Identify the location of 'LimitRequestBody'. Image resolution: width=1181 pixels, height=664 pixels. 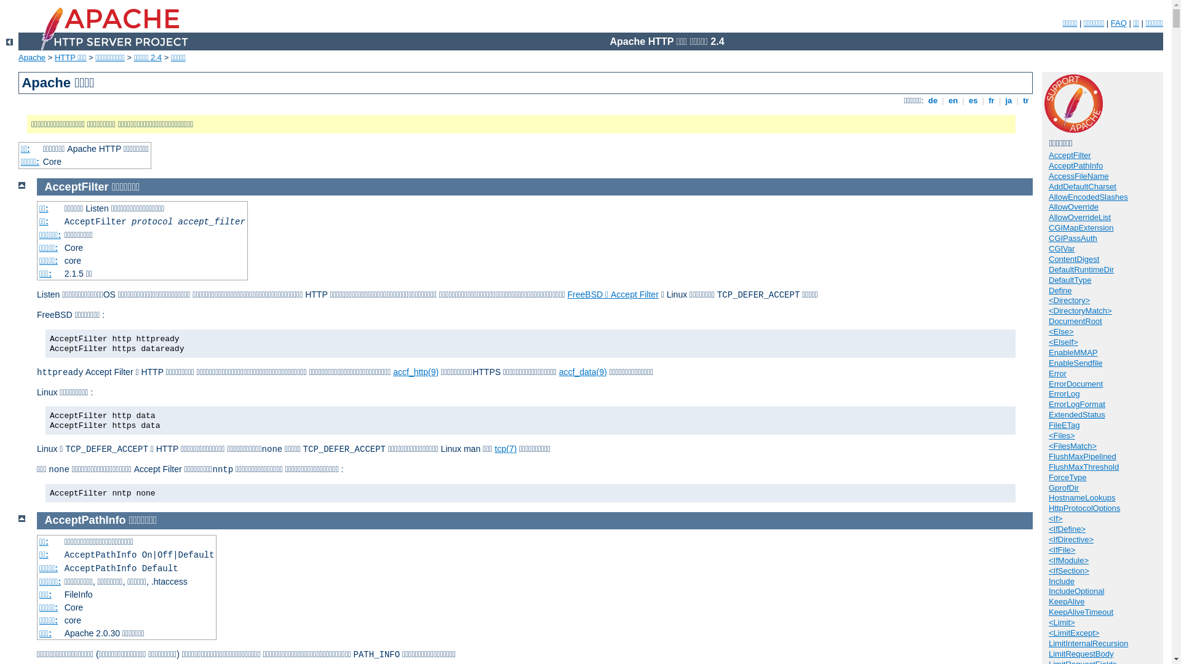
(1080, 653).